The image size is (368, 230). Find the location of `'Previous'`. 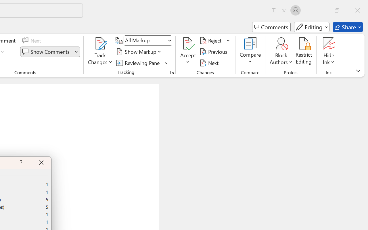

'Previous' is located at coordinates (214, 51).